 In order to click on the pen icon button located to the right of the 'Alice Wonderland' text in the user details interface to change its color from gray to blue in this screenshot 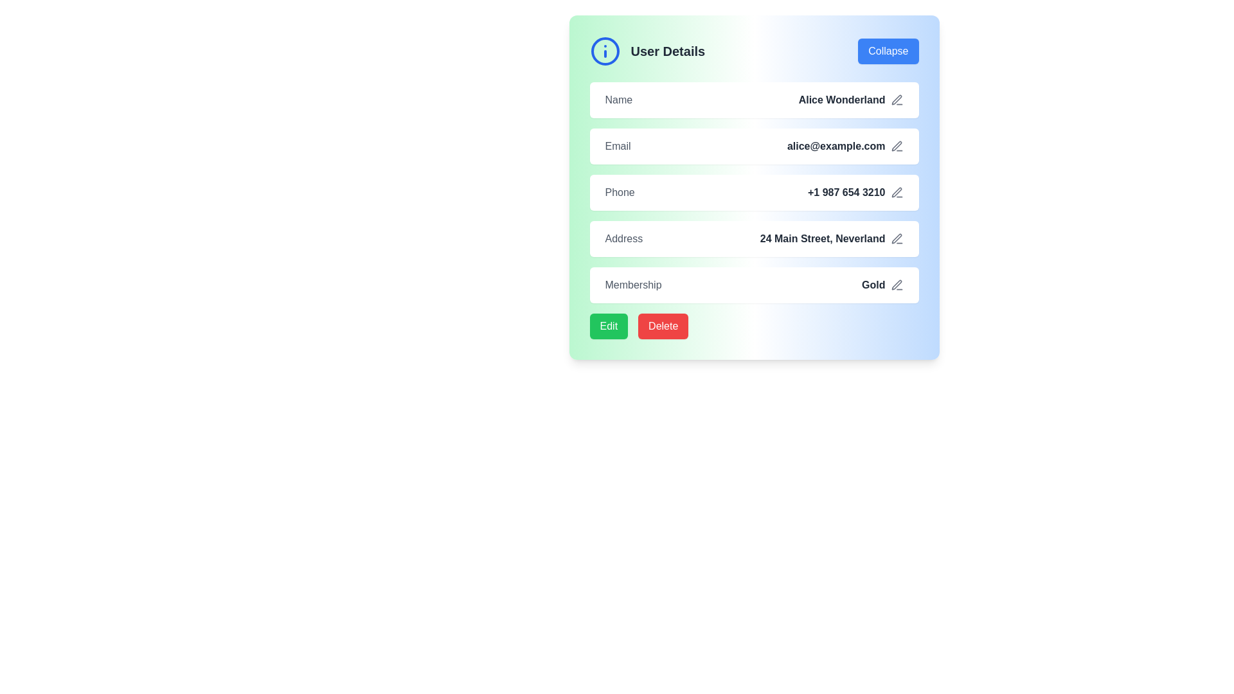, I will do `click(896, 99)`.